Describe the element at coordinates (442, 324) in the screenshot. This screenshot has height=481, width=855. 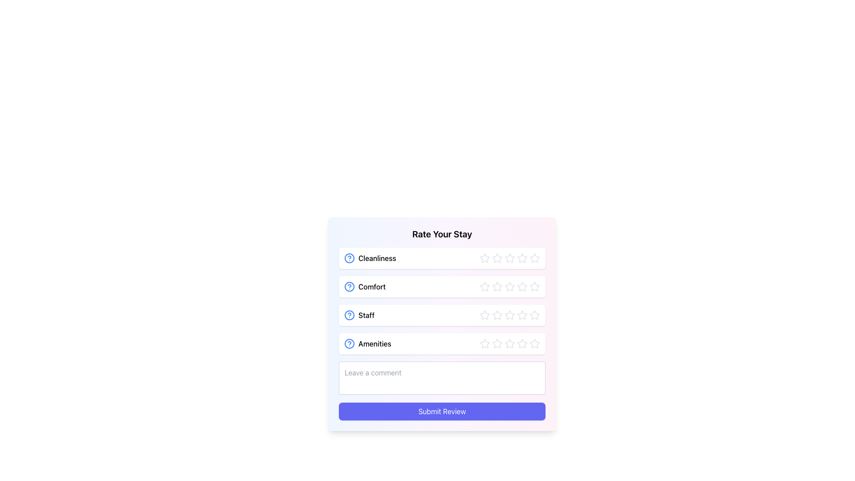
I see `the third Interactive Rating Section for 'Staff'` at that location.